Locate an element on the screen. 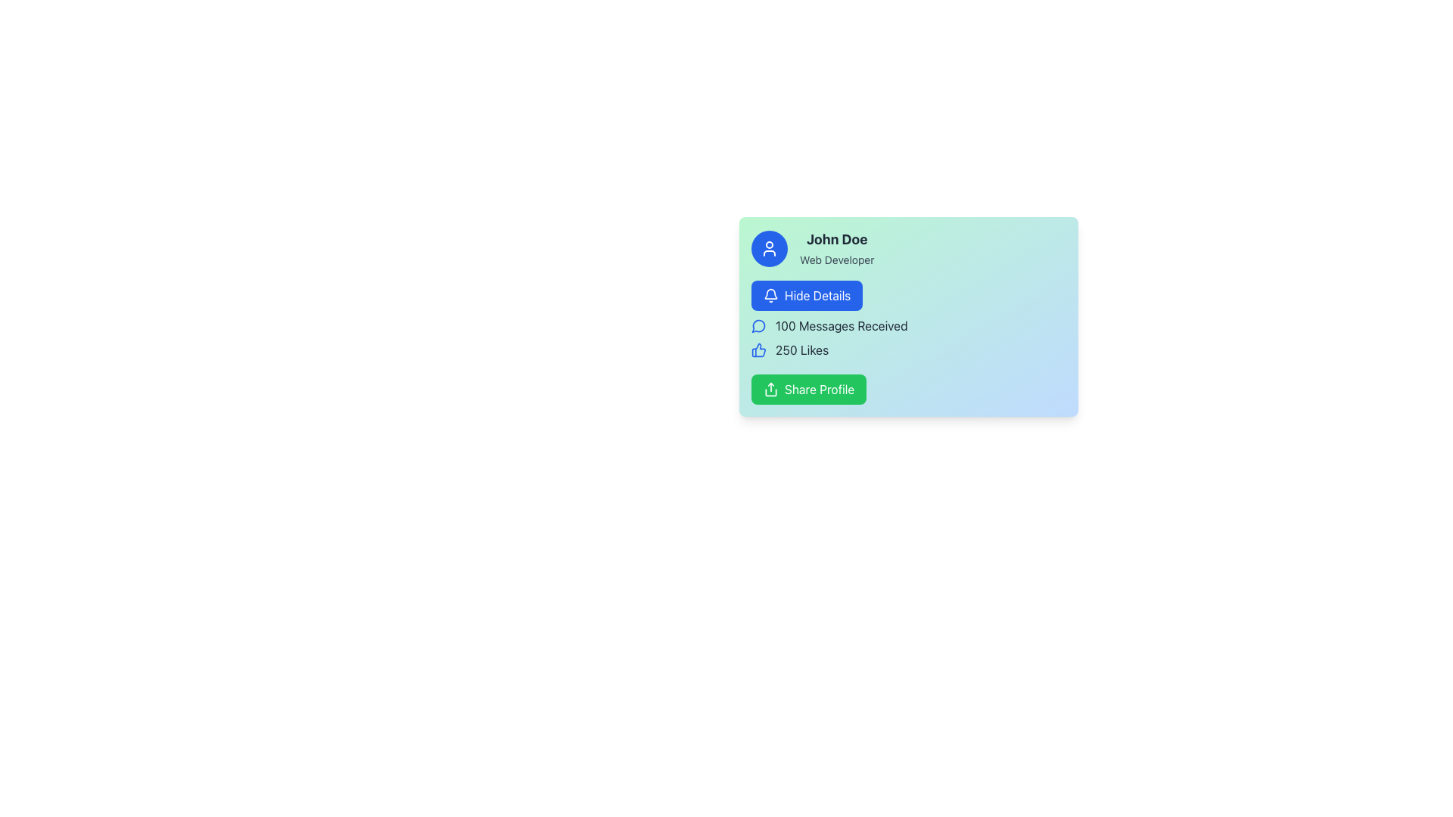 This screenshot has width=1453, height=817. the SVG bell icon located within the 'Hide Details' button, which is distinguishable by its blue background and positioned between the user name and statistics is located at coordinates (770, 295).